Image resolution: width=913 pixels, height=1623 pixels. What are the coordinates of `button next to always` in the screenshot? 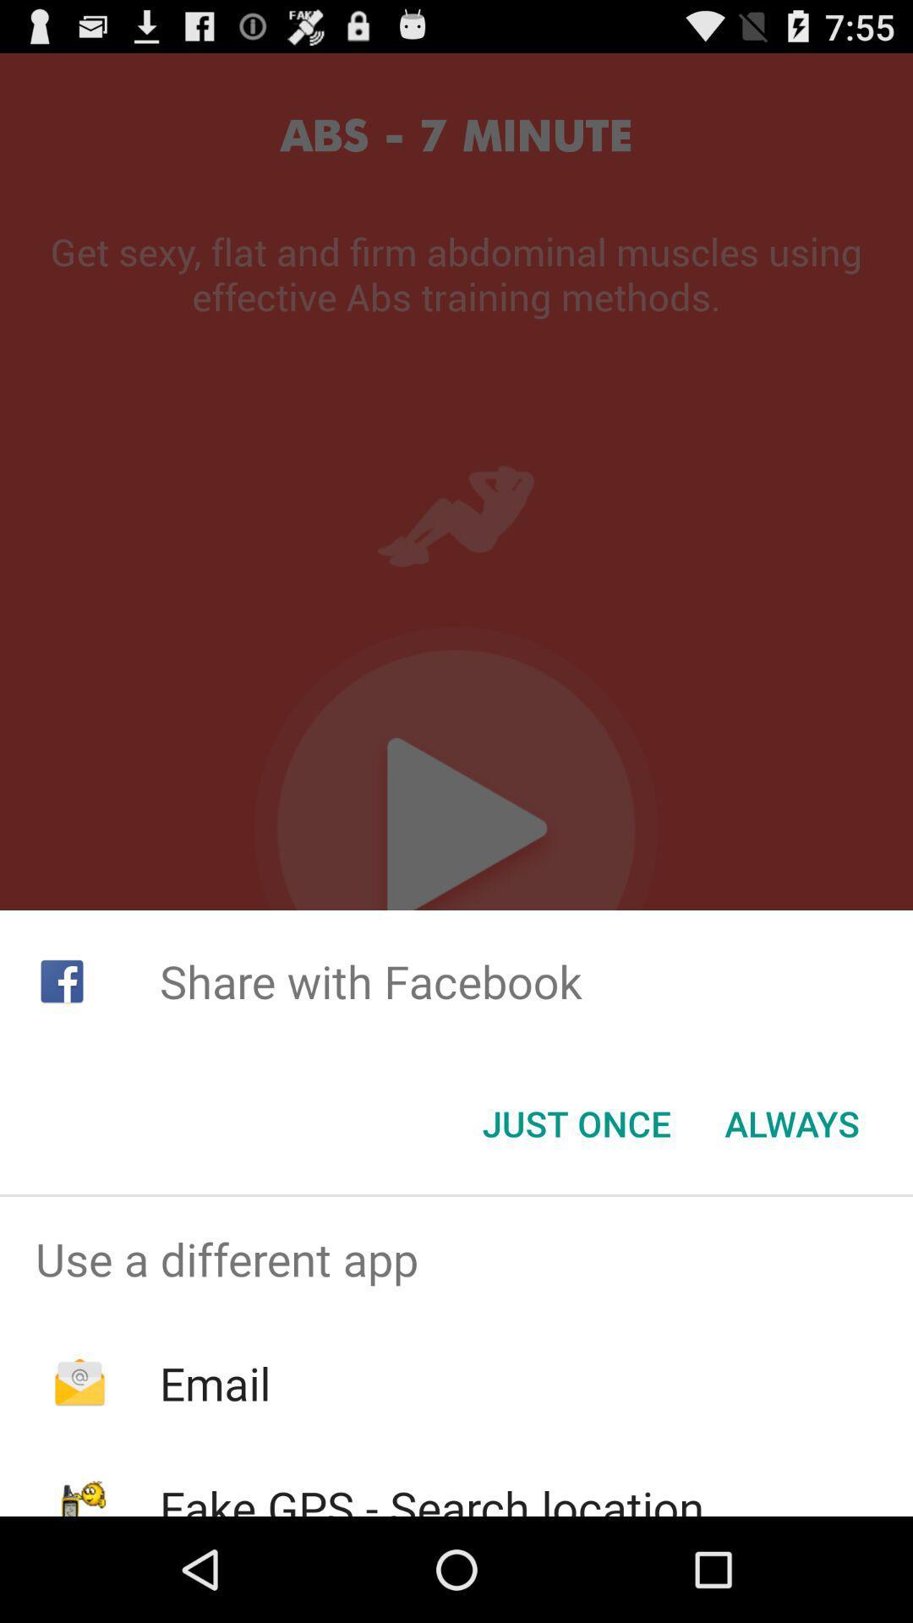 It's located at (576, 1123).